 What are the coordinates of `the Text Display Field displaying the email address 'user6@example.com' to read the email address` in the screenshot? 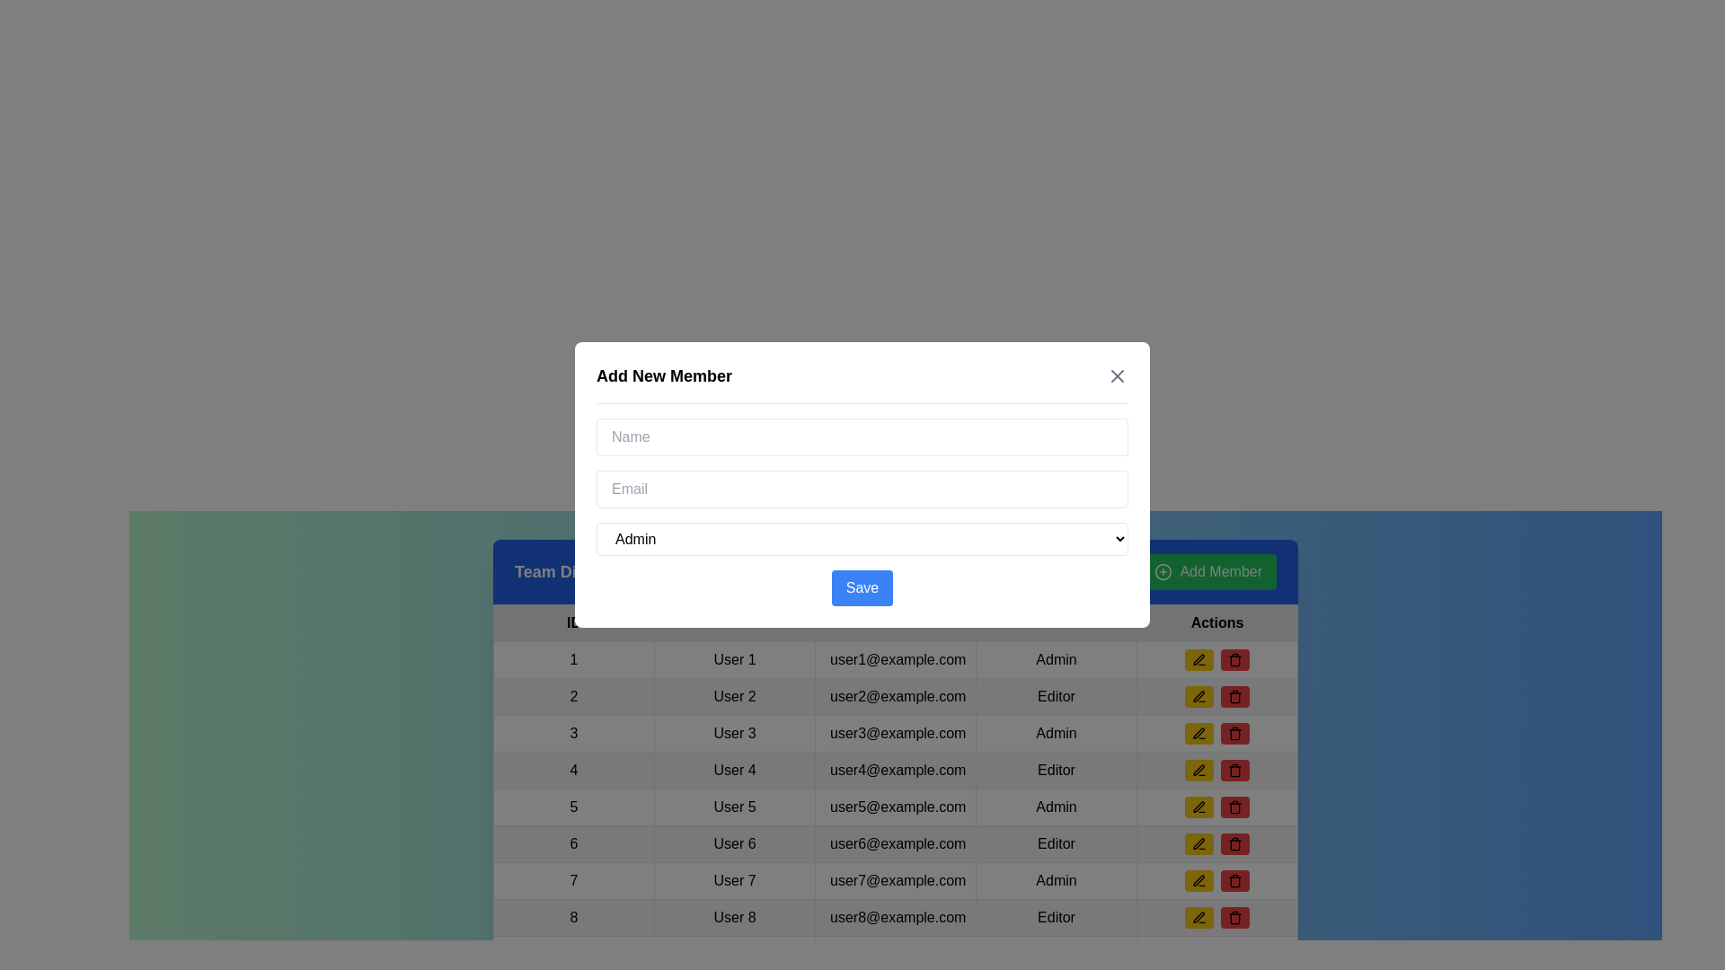 It's located at (896, 844).